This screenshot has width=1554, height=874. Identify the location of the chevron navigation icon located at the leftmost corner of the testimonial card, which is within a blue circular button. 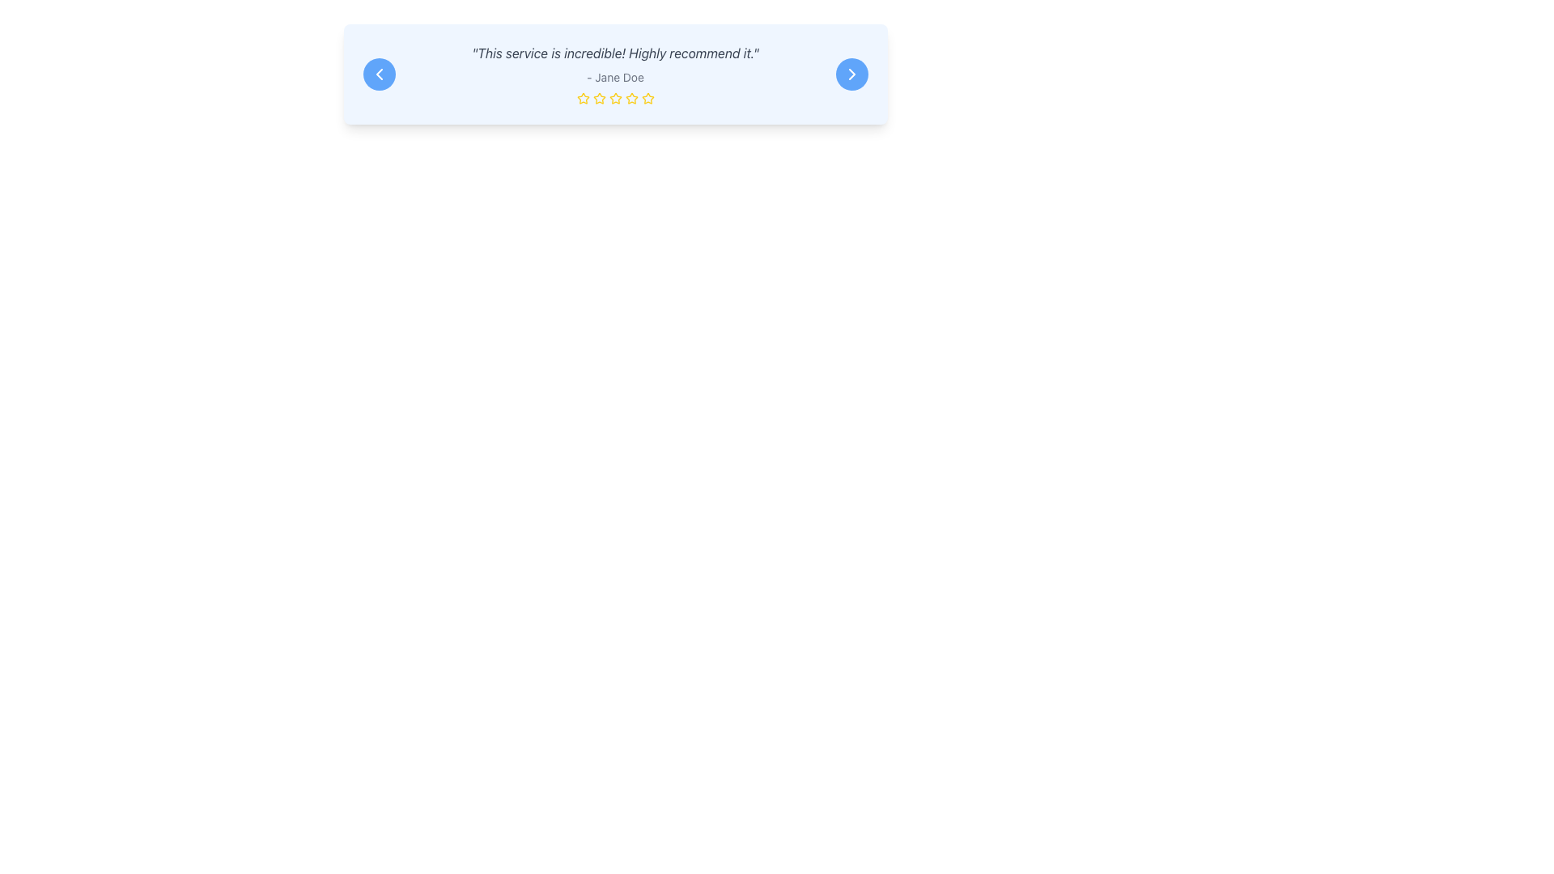
(378, 74).